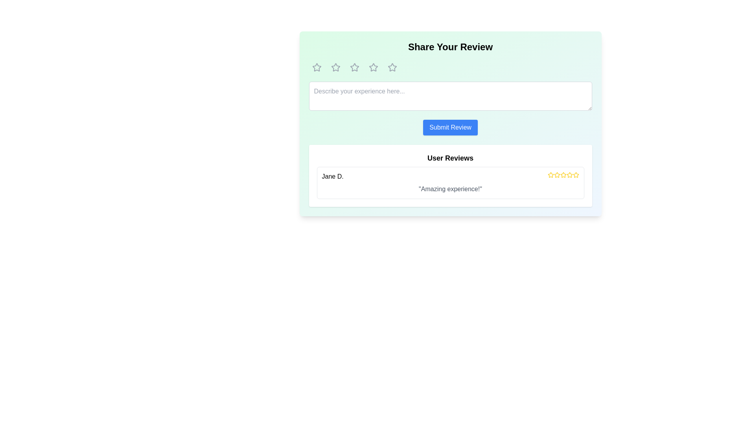 This screenshot has width=755, height=424. Describe the element at coordinates (450, 127) in the screenshot. I see `the 'Submit Review' button, which is a rectangular button with rounded corners, white text on a blue background, located centrally below the input field in the review form section` at that location.